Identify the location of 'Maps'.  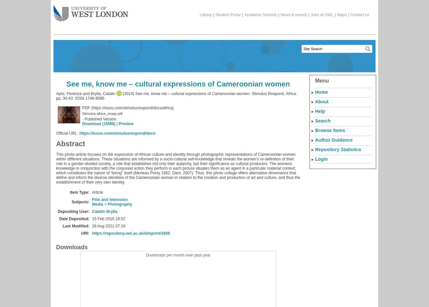
(342, 15).